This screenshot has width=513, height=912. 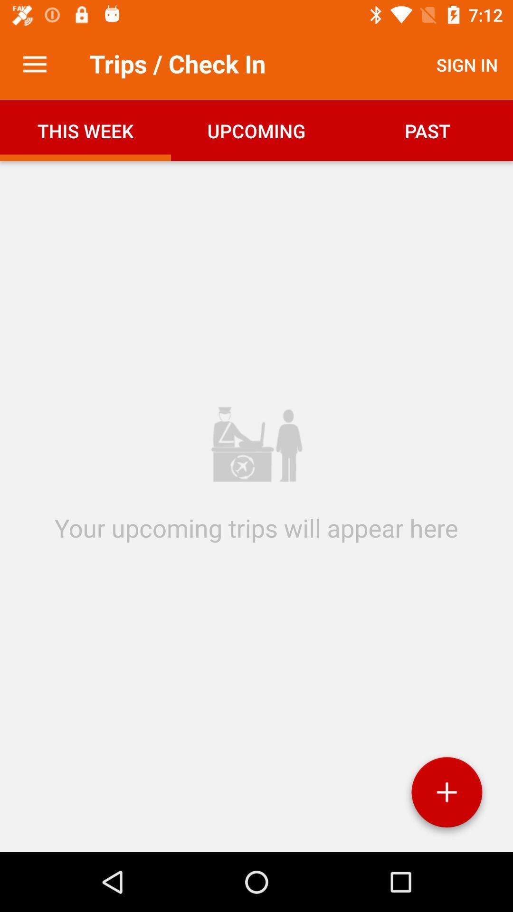 I want to click on sign in item, so click(x=466, y=64).